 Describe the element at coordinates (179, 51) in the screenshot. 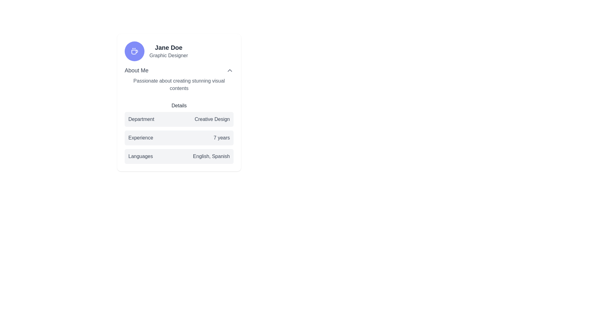

I see `the Profile Display Section located in the upper area of the card widget, displaying the user's name and professional title` at that location.